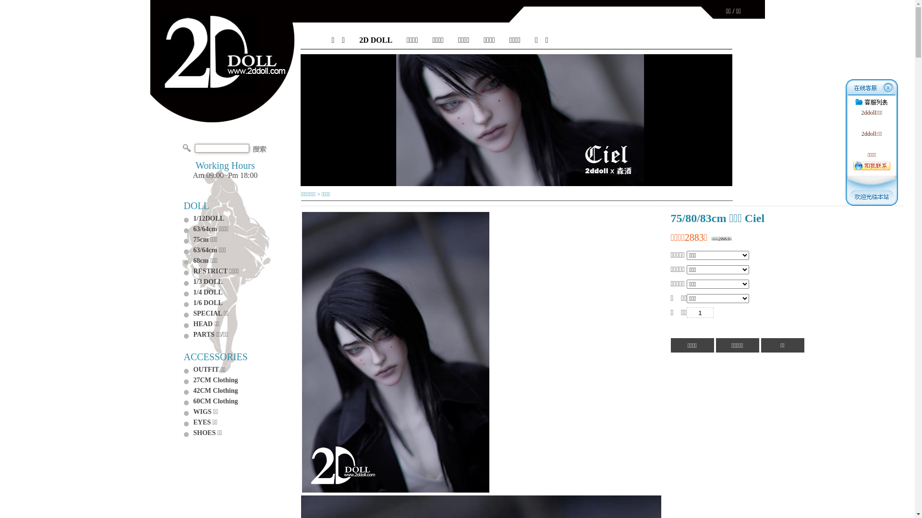 This screenshot has height=518, width=922. Describe the element at coordinates (207, 303) in the screenshot. I see `'1/6 DOLL'` at that location.